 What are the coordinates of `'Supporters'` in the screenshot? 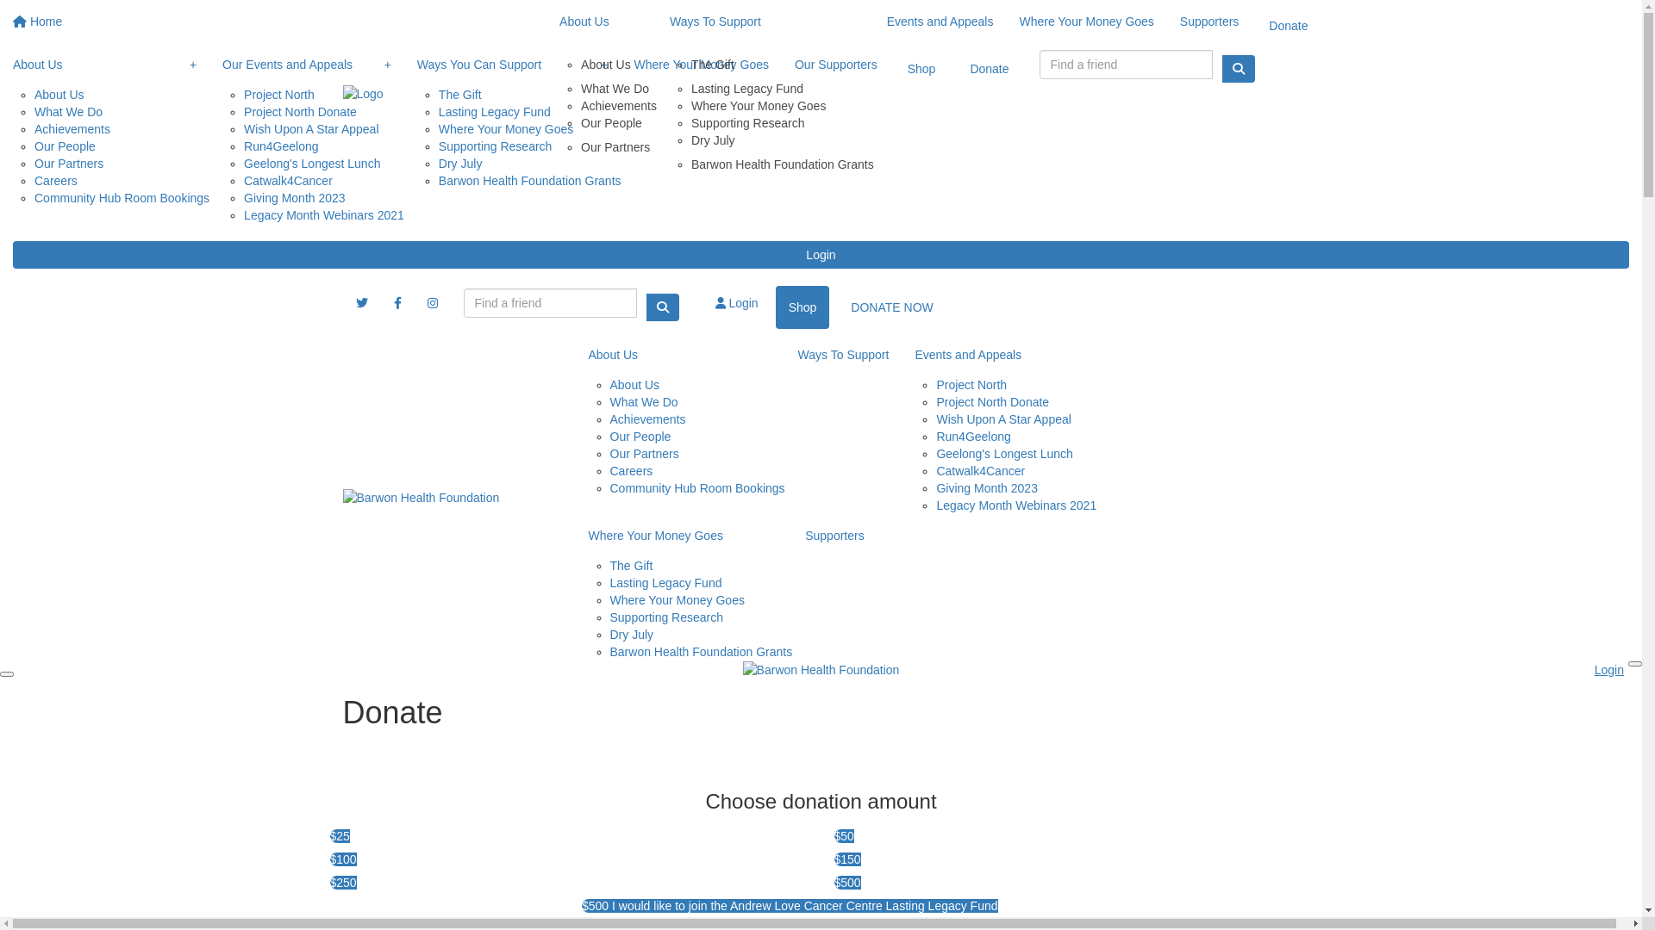 It's located at (834, 534).